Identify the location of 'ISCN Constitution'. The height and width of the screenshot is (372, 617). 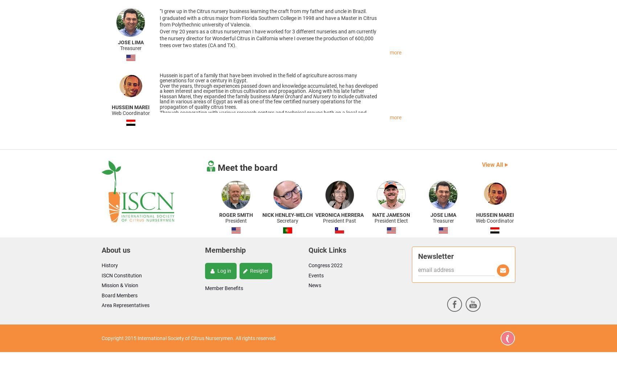
(101, 275).